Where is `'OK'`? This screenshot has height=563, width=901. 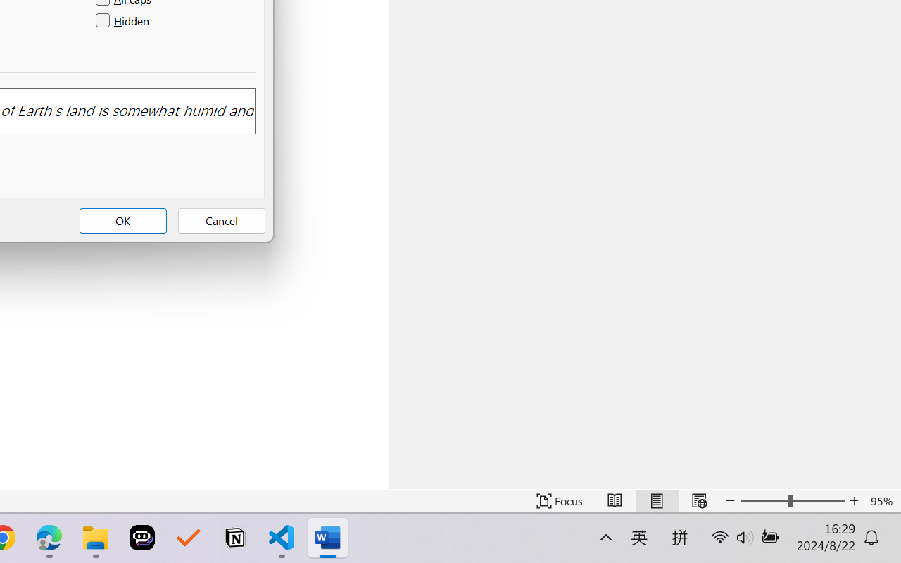 'OK' is located at coordinates (123, 220).